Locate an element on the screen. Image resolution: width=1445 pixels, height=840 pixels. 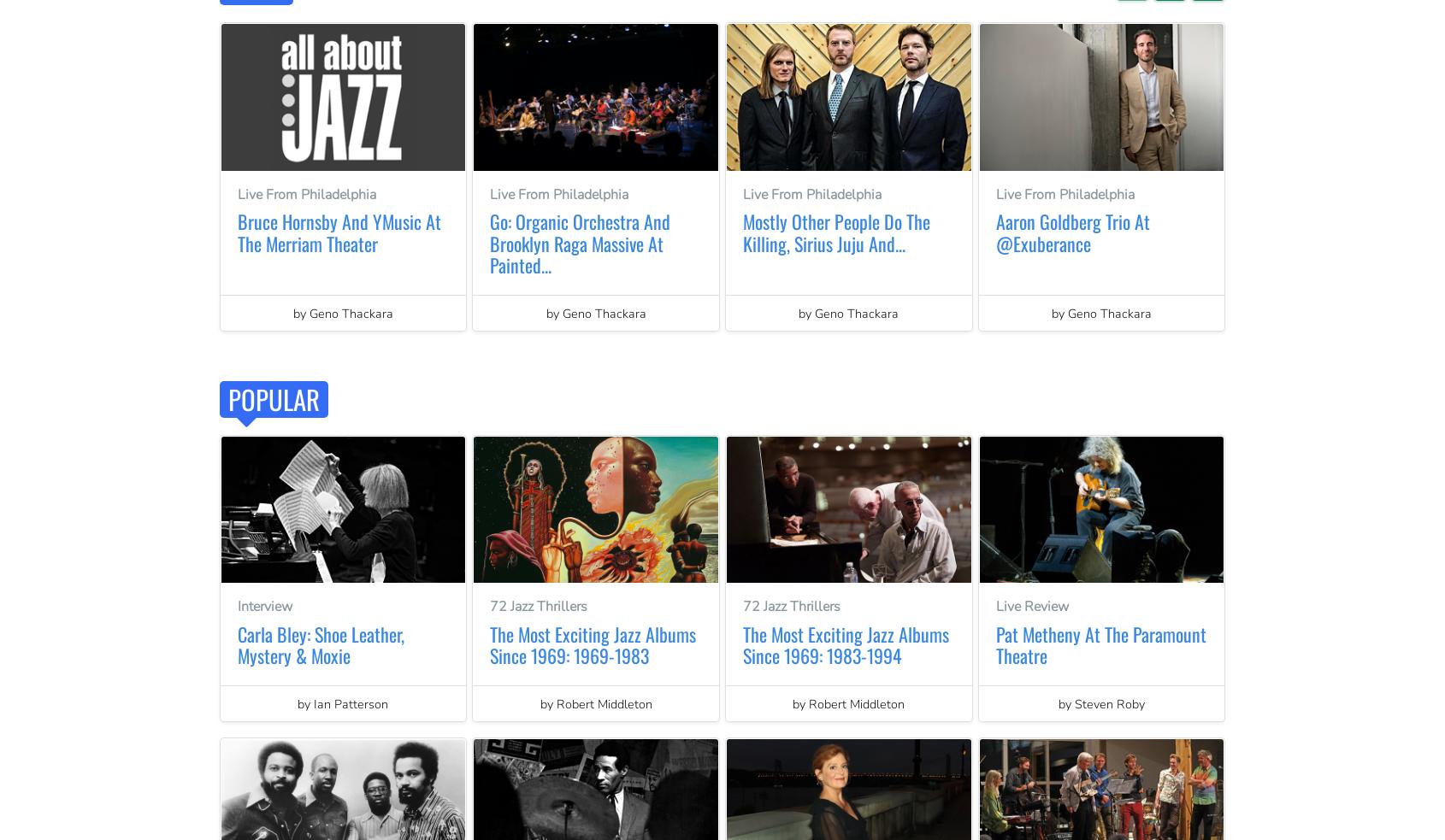
'Mostly Other People Do the Killing, Sirius Juju and...' is located at coordinates (835, 232).